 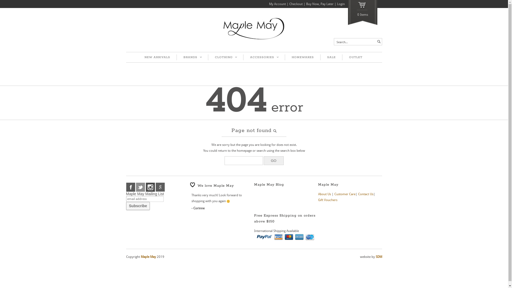 I want to click on 'instagram', so click(x=146, y=187).